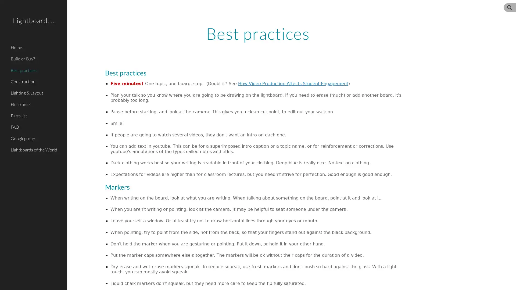 This screenshot has width=516, height=290. I want to click on Copy heading link, so click(186, 73).